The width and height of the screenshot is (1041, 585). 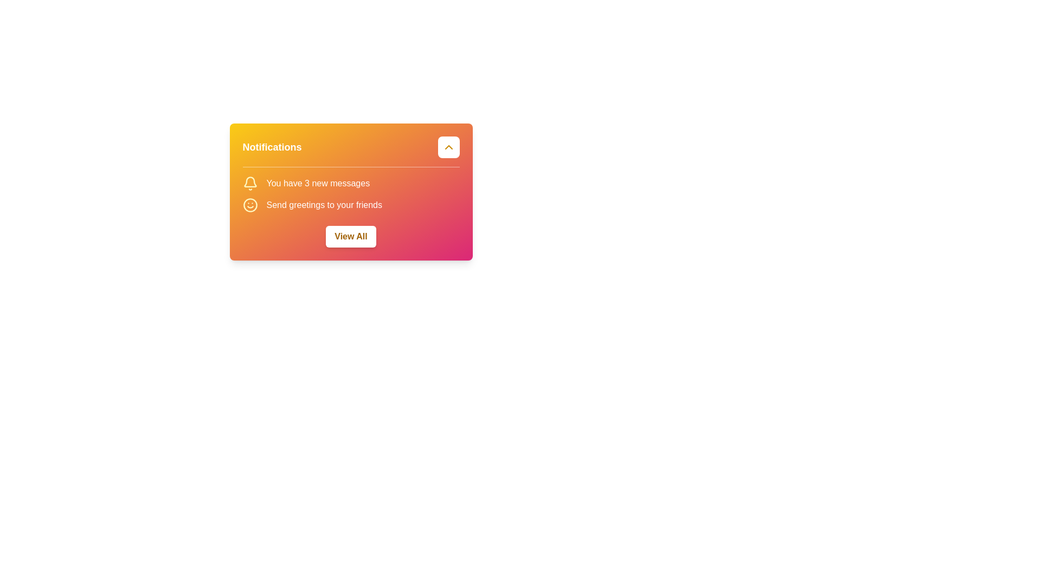 What do you see at coordinates (351, 207) in the screenshot?
I see `the informational panel located under the title 'Notifications', which notifies the user about new messages and encourages sending greetings to friends` at bounding box center [351, 207].